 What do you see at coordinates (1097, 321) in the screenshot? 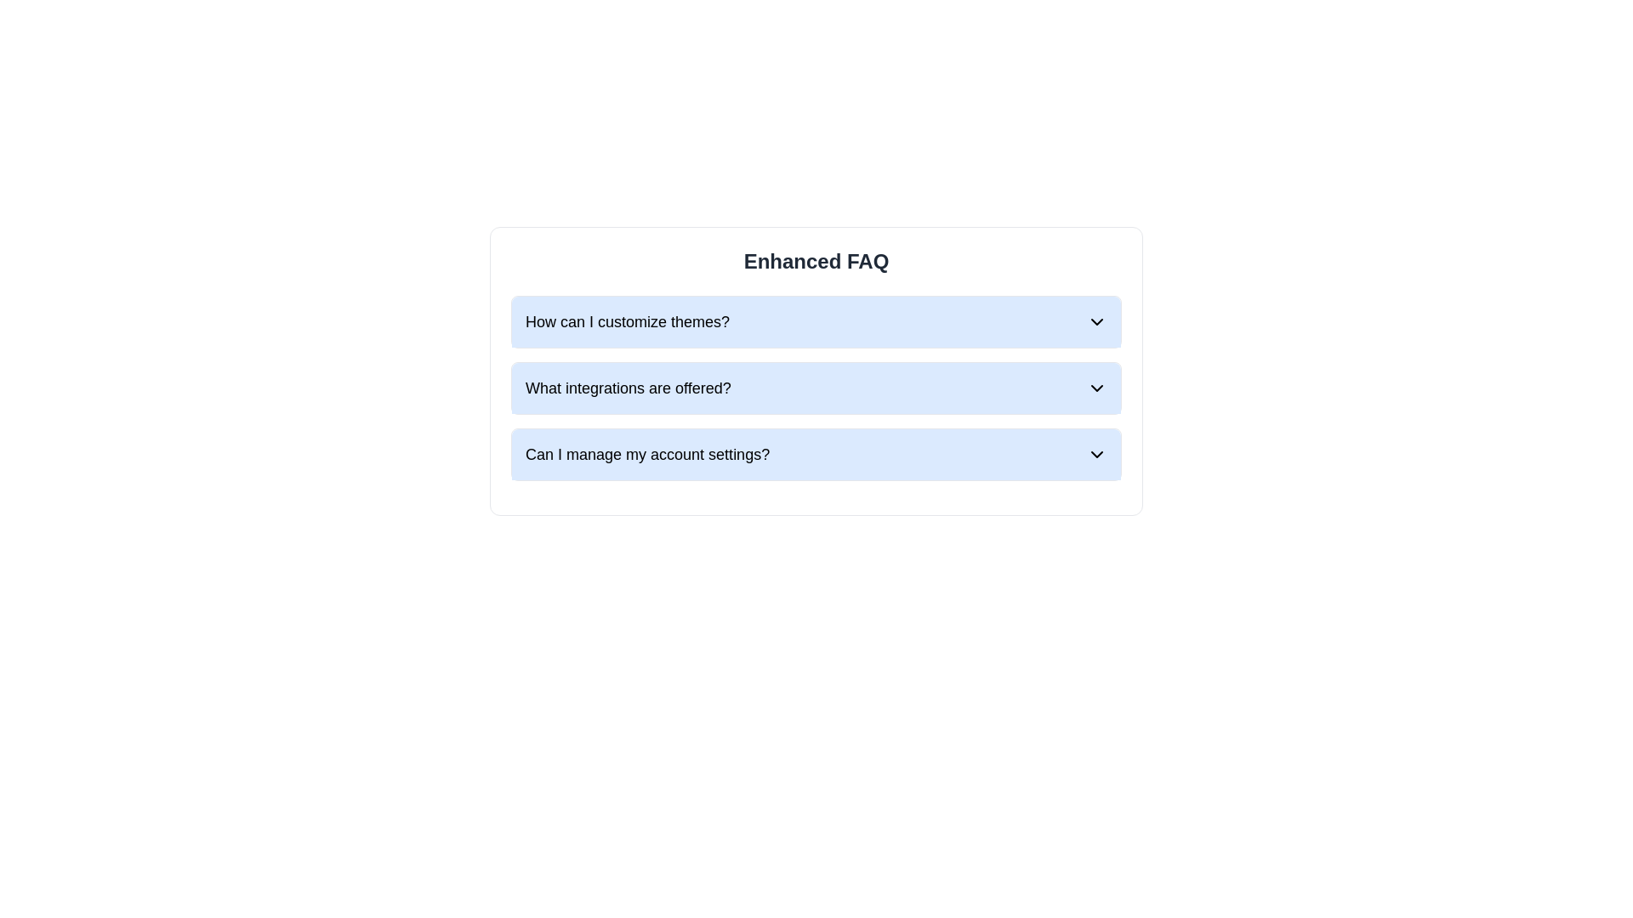
I see `the downward-pointing chevron icon indicating the expandable section toggle in the FAQ interface` at bounding box center [1097, 321].